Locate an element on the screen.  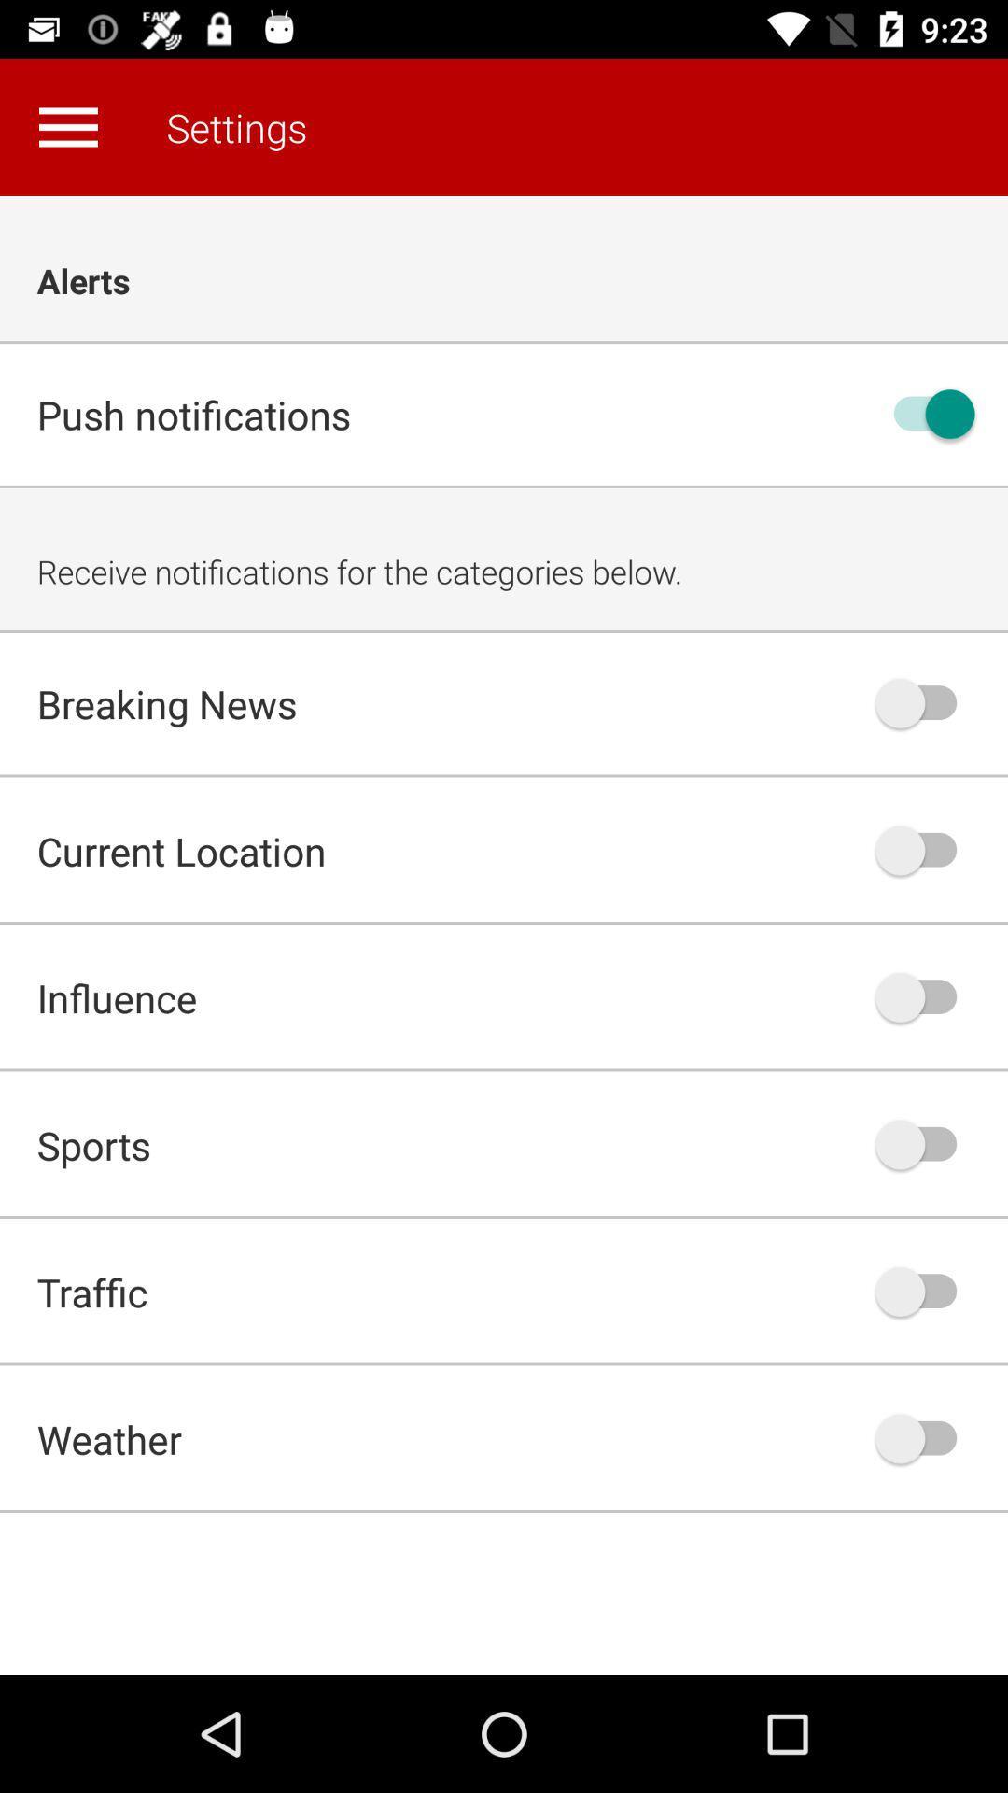
main menu is located at coordinates (67, 126).